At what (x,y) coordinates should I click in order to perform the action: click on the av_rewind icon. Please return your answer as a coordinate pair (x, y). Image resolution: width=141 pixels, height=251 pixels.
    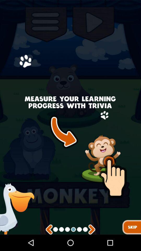
    Looking at the image, I should click on (49, 246).